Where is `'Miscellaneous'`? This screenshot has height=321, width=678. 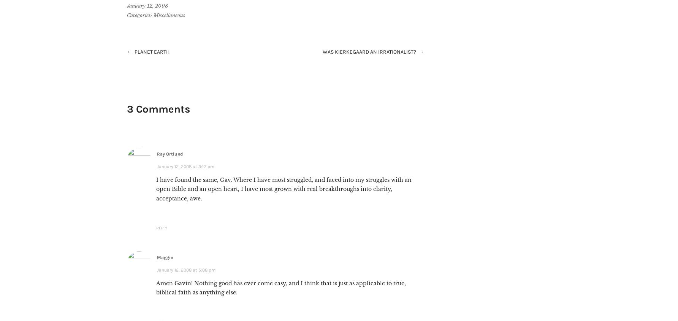 'Miscellaneous' is located at coordinates (168, 15).